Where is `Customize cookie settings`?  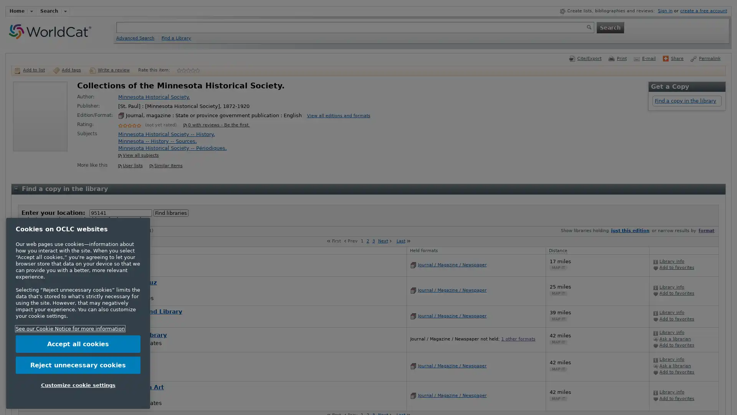 Customize cookie settings is located at coordinates (78, 385).